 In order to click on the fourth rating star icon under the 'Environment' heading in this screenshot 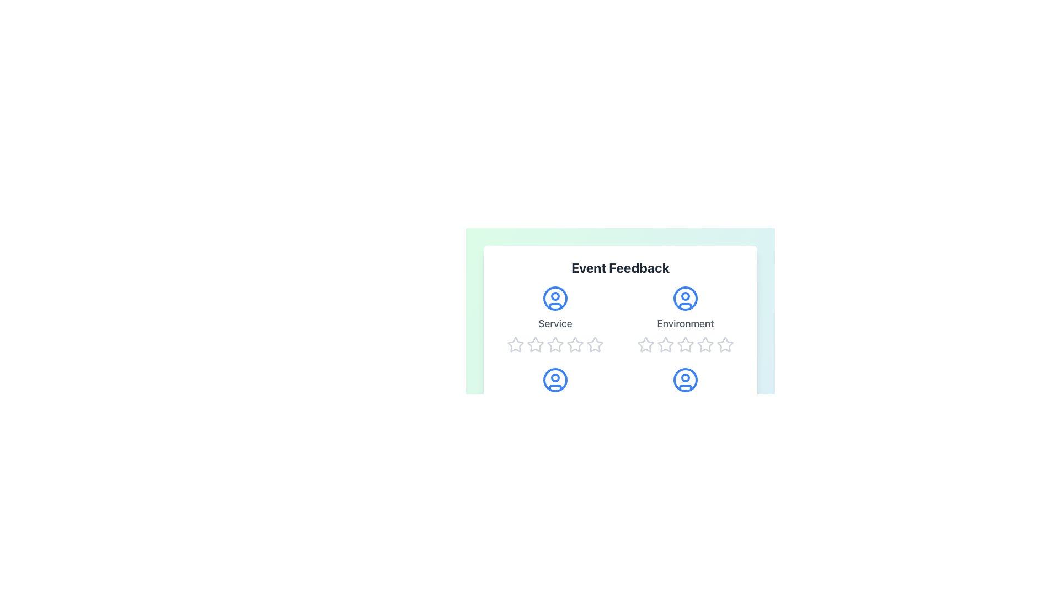, I will do `click(685, 344)`.